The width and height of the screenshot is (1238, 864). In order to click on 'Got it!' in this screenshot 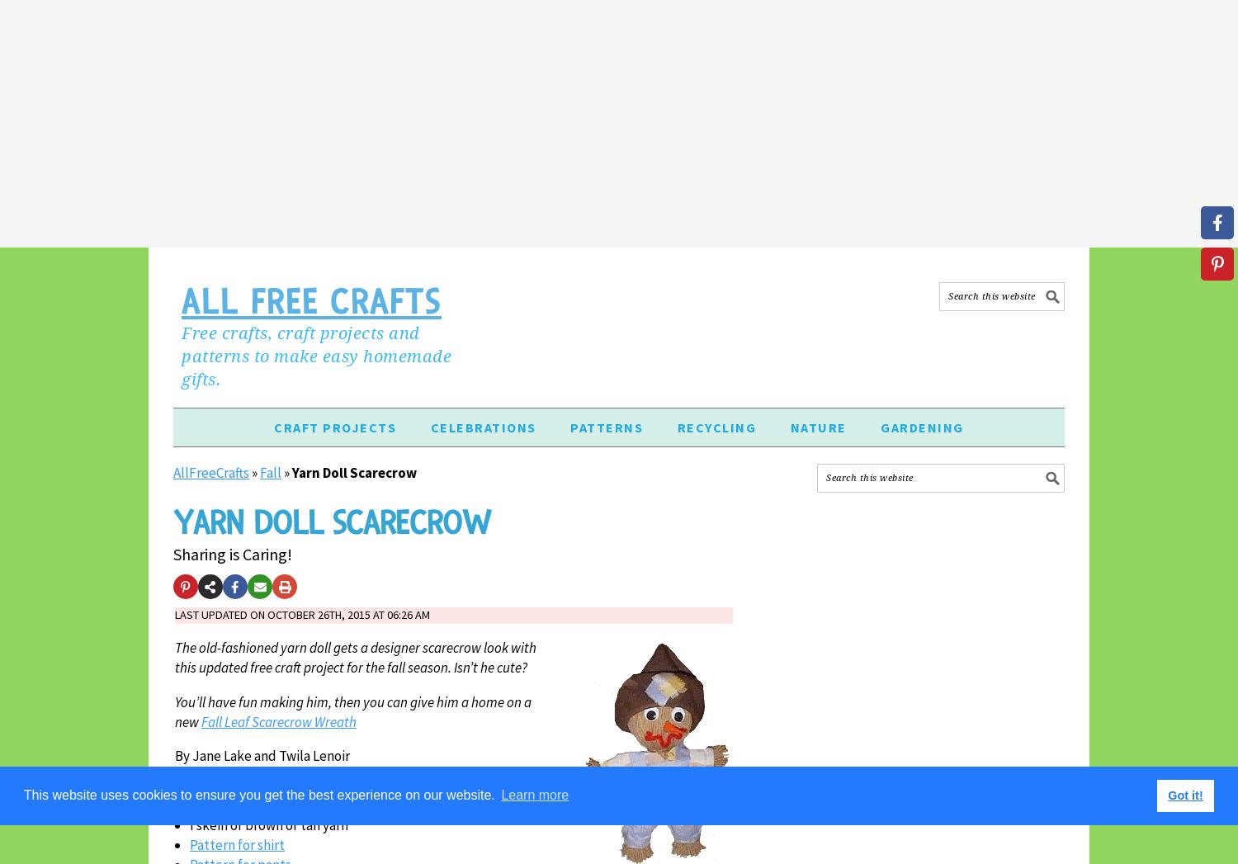, I will do `click(1167, 794)`.